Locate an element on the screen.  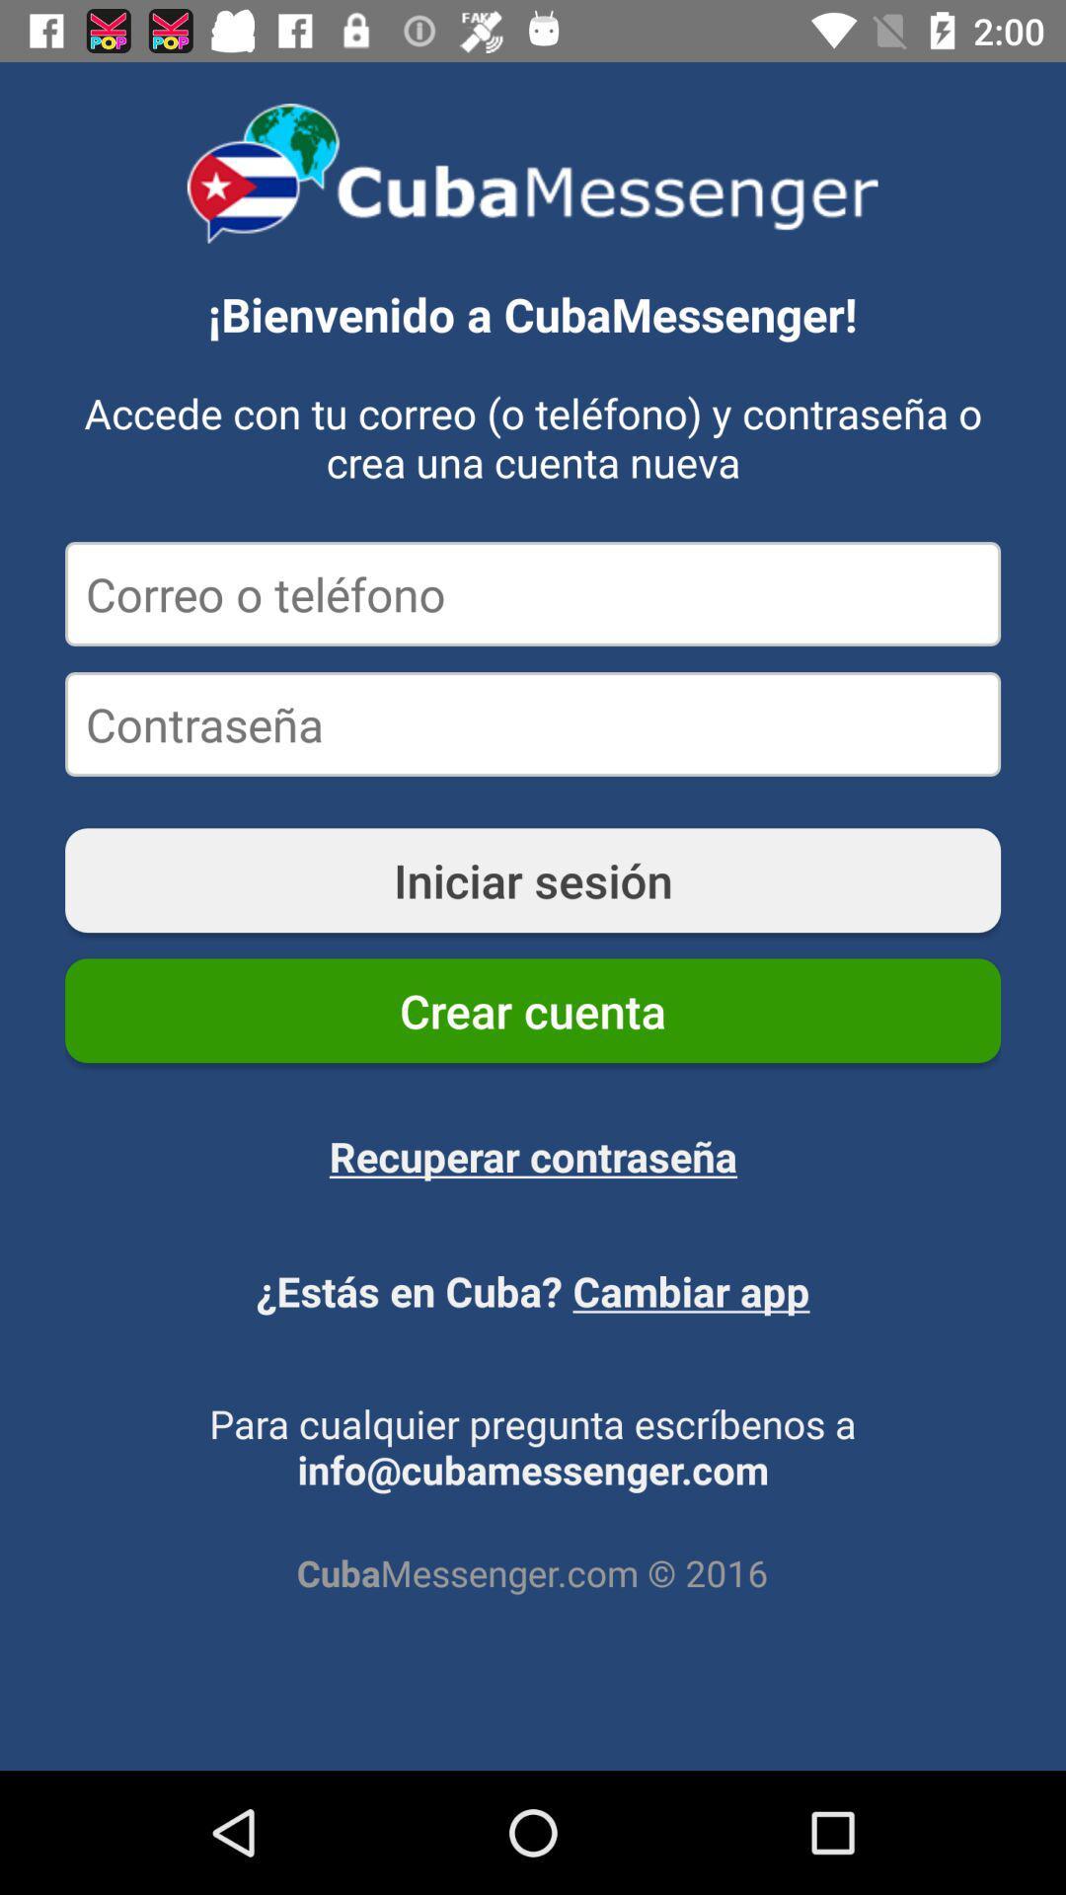
the item below crear cuenta icon is located at coordinates (533, 1156).